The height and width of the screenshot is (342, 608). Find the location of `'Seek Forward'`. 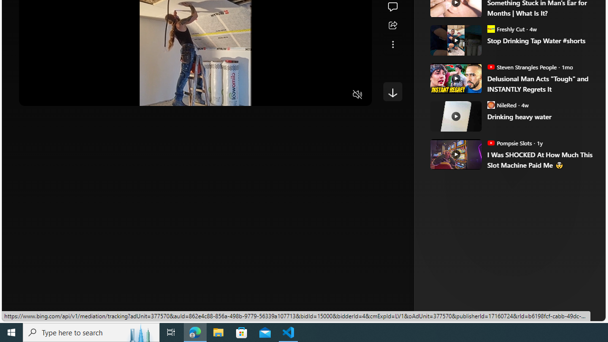

'Seek Forward' is located at coordinates (71, 95).